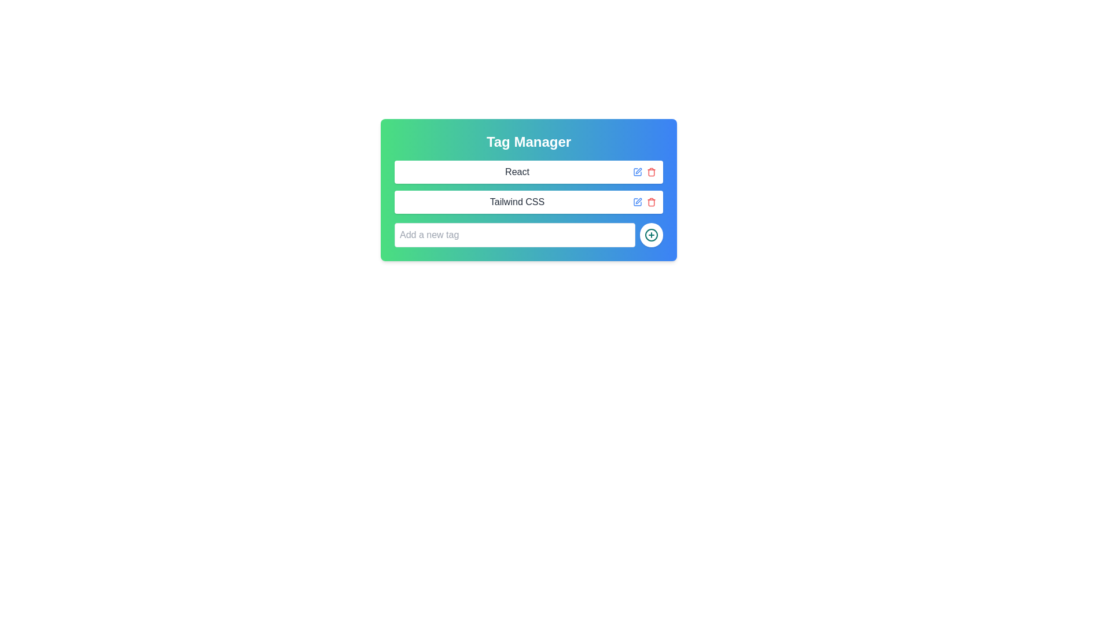 The width and height of the screenshot is (1111, 624). I want to click on the text label displaying 'Tailwind CSS' in the Tag Manager interface, which is visually characterized by its medium-sized dark gray font within a light-colored rounded rectangle, so click(516, 202).